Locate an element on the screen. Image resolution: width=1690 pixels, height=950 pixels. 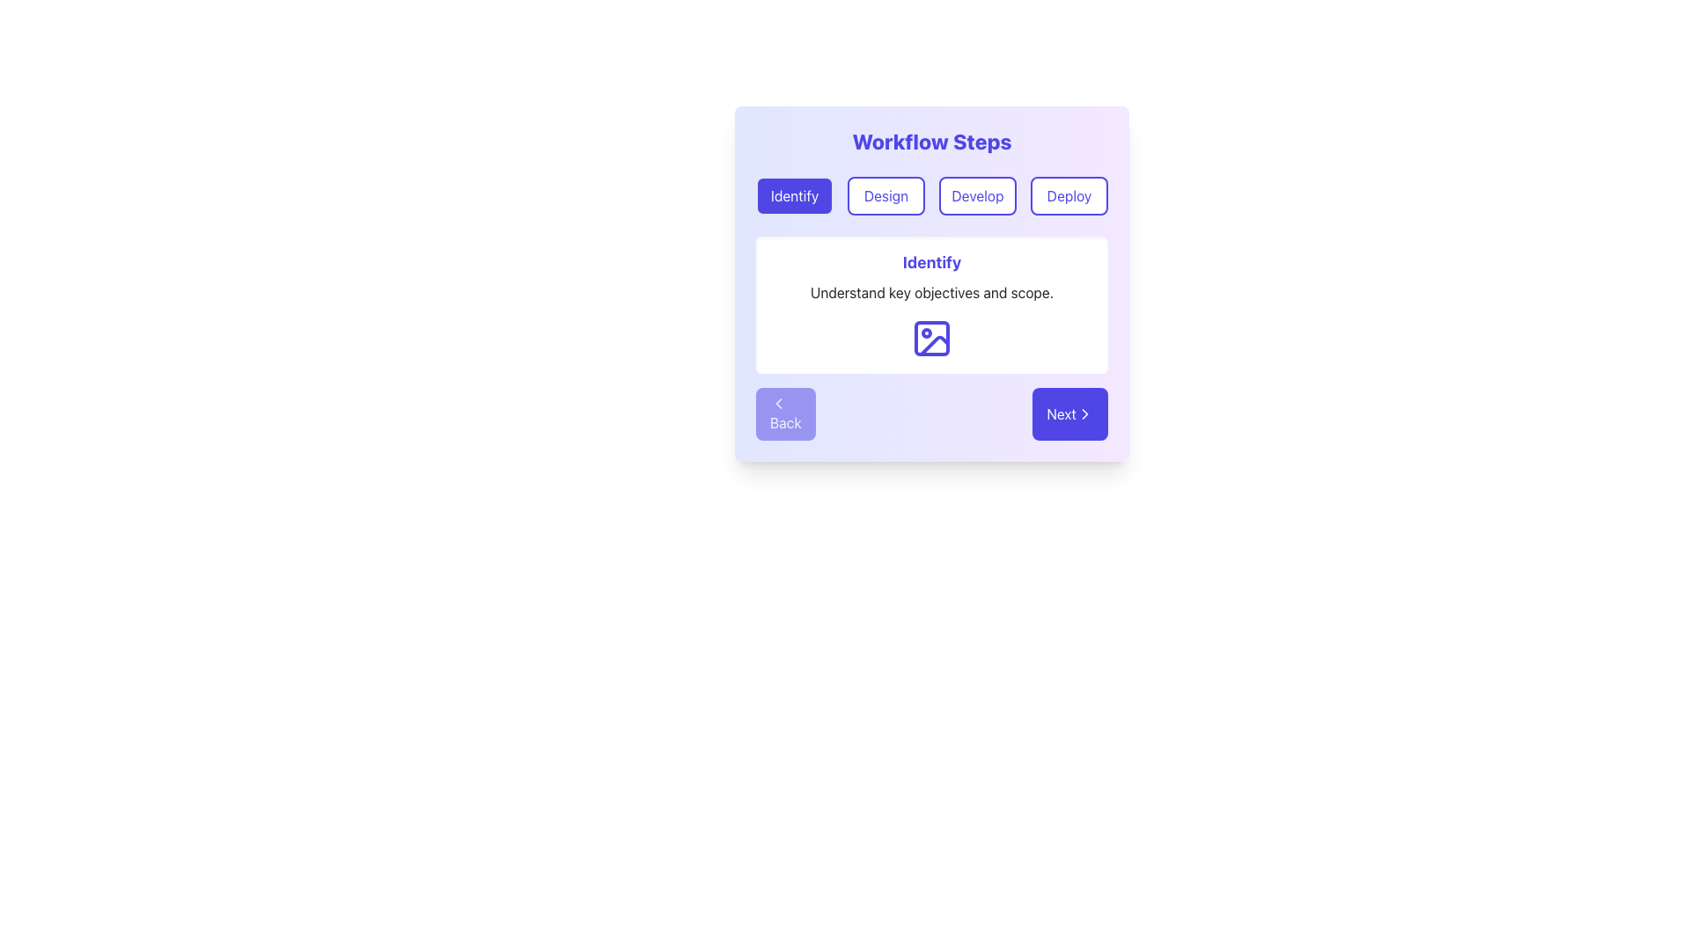
the 'Develop' button, which is a rectangular button with a white background and indigo text, positioned between the 'Design' and 'Deploy' buttons in the 'Workflow Steps' section is located at coordinates (976, 196).